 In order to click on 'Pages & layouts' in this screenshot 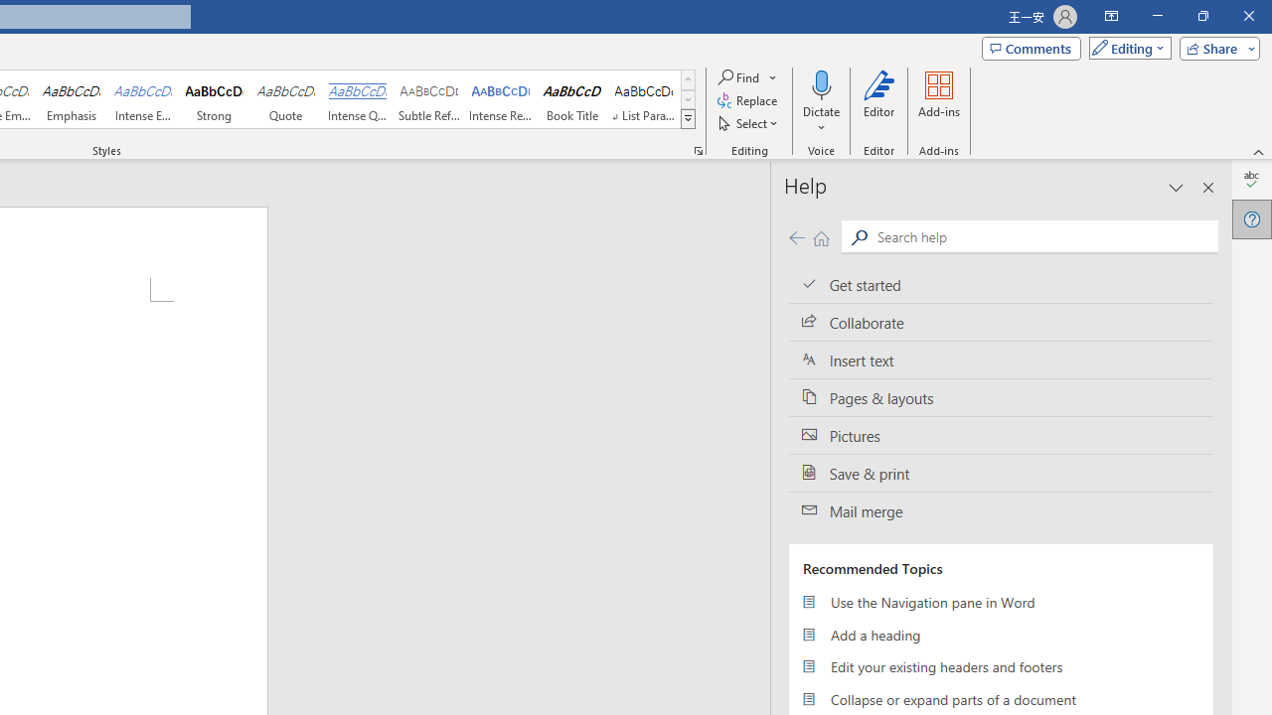, I will do `click(1001, 398)`.